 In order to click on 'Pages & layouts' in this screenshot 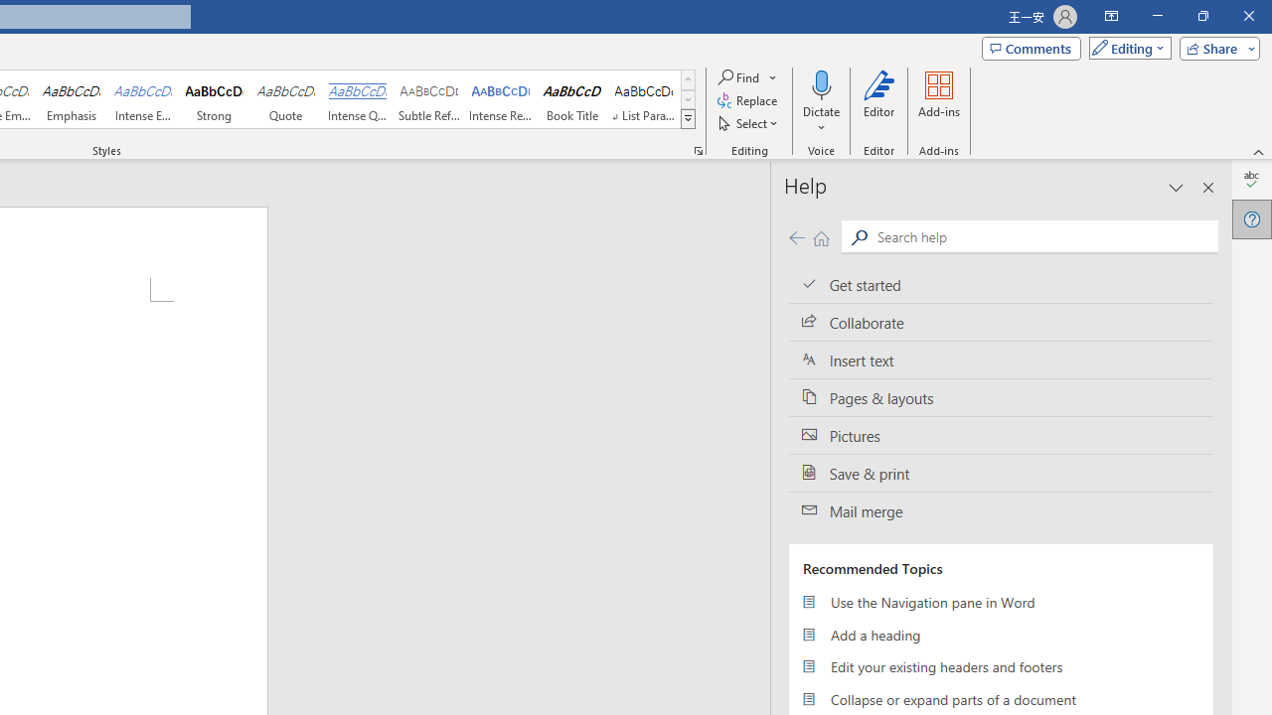, I will do `click(1001, 398)`.